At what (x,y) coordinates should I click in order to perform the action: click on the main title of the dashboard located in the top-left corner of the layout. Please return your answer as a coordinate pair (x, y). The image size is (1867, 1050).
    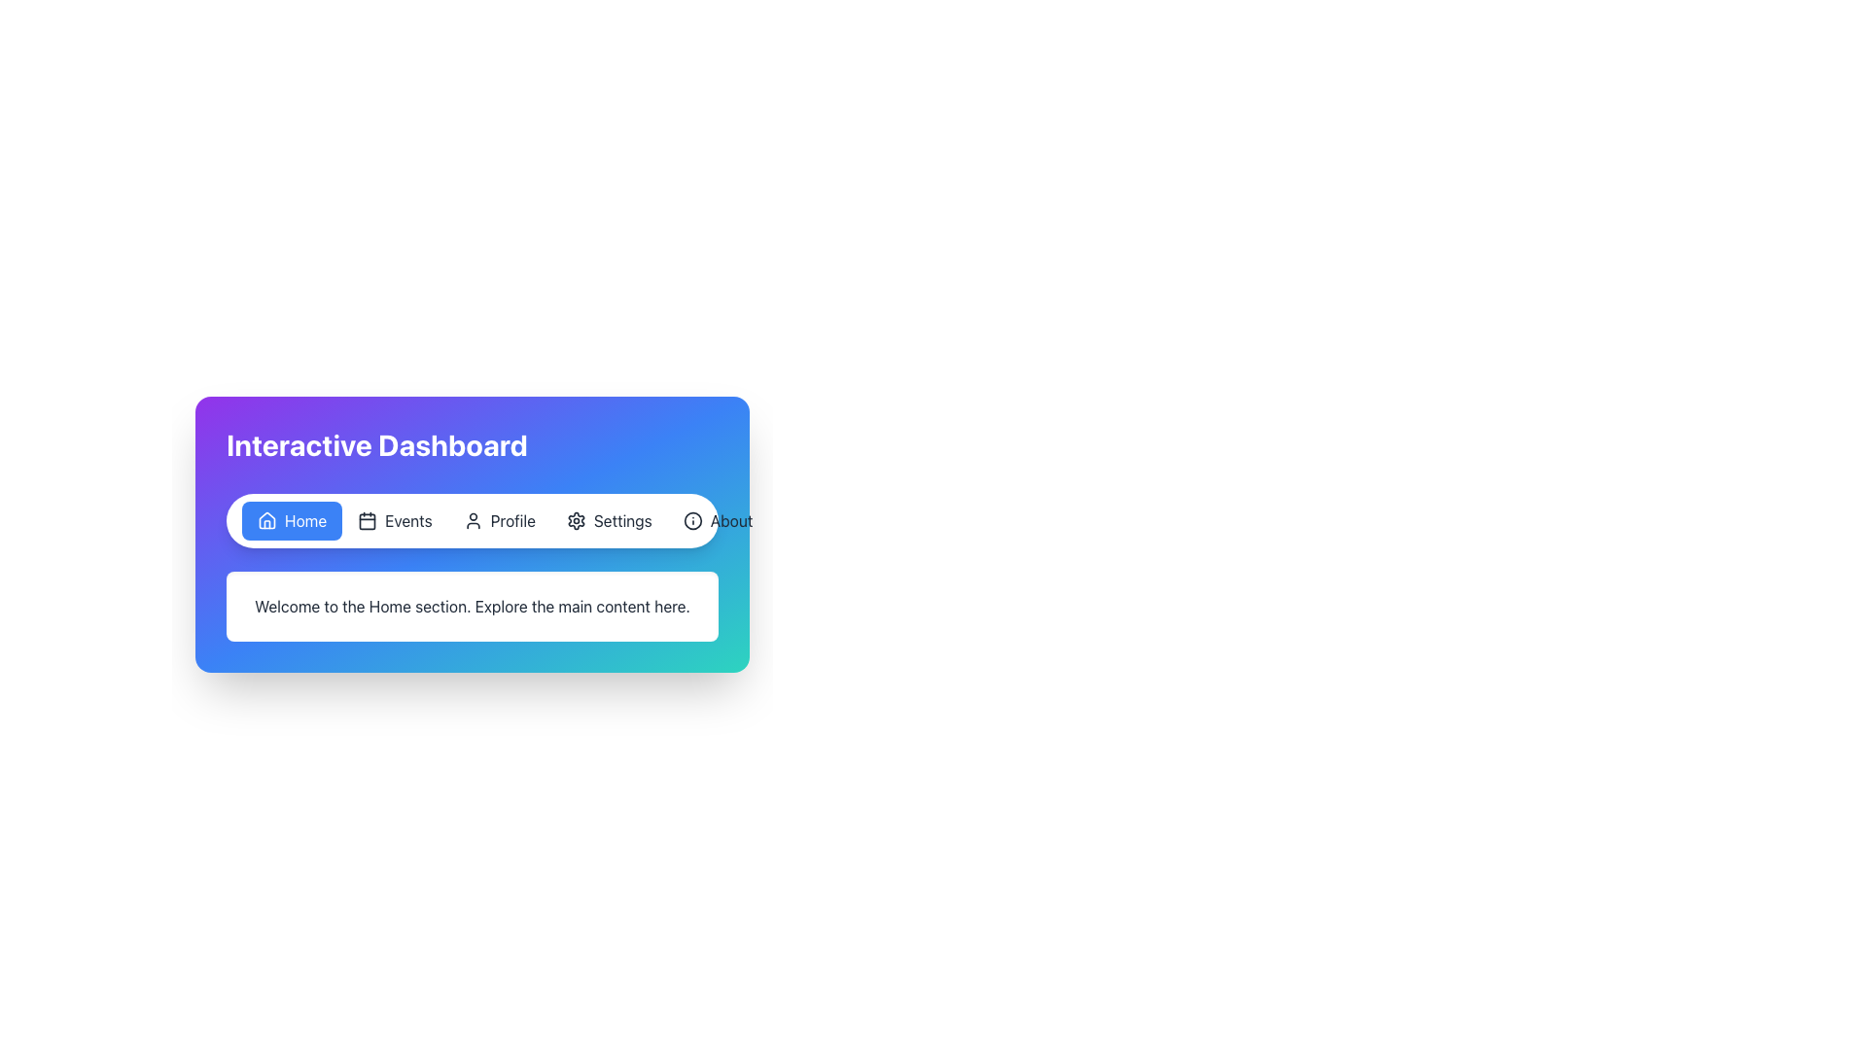
    Looking at the image, I should click on (376, 445).